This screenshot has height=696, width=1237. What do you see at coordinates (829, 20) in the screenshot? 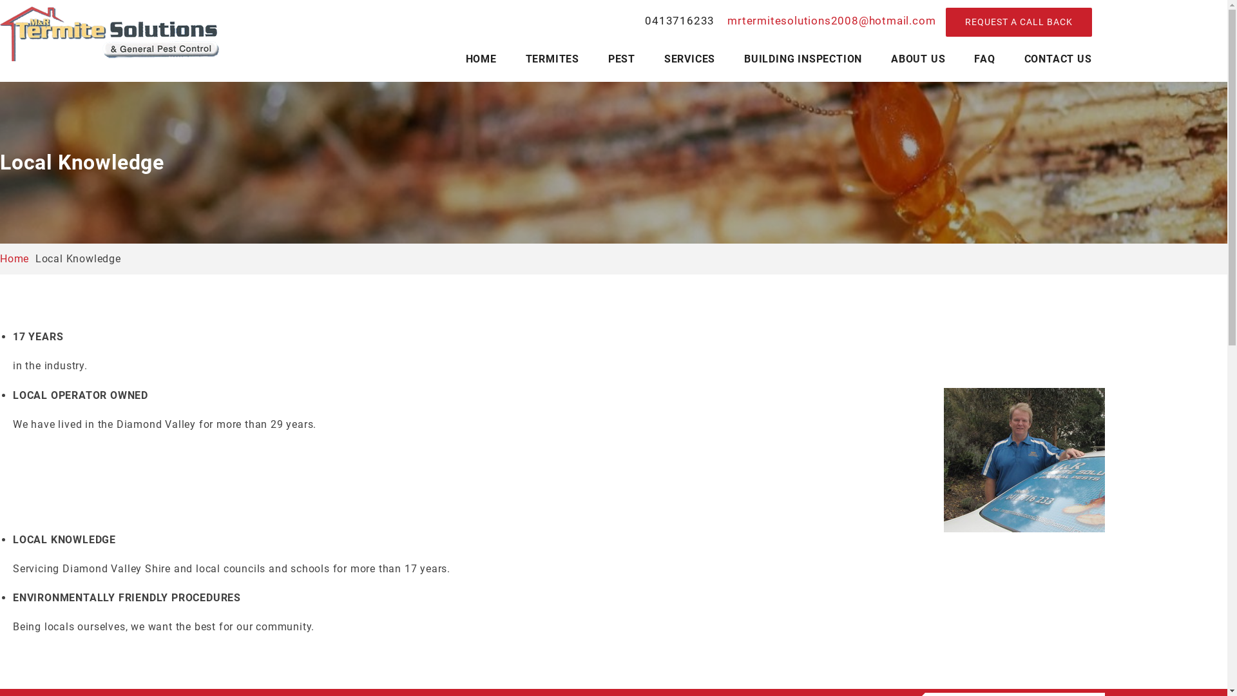
I see `'mrtermitesolutions2008@hotmail.com'` at bounding box center [829, 20].